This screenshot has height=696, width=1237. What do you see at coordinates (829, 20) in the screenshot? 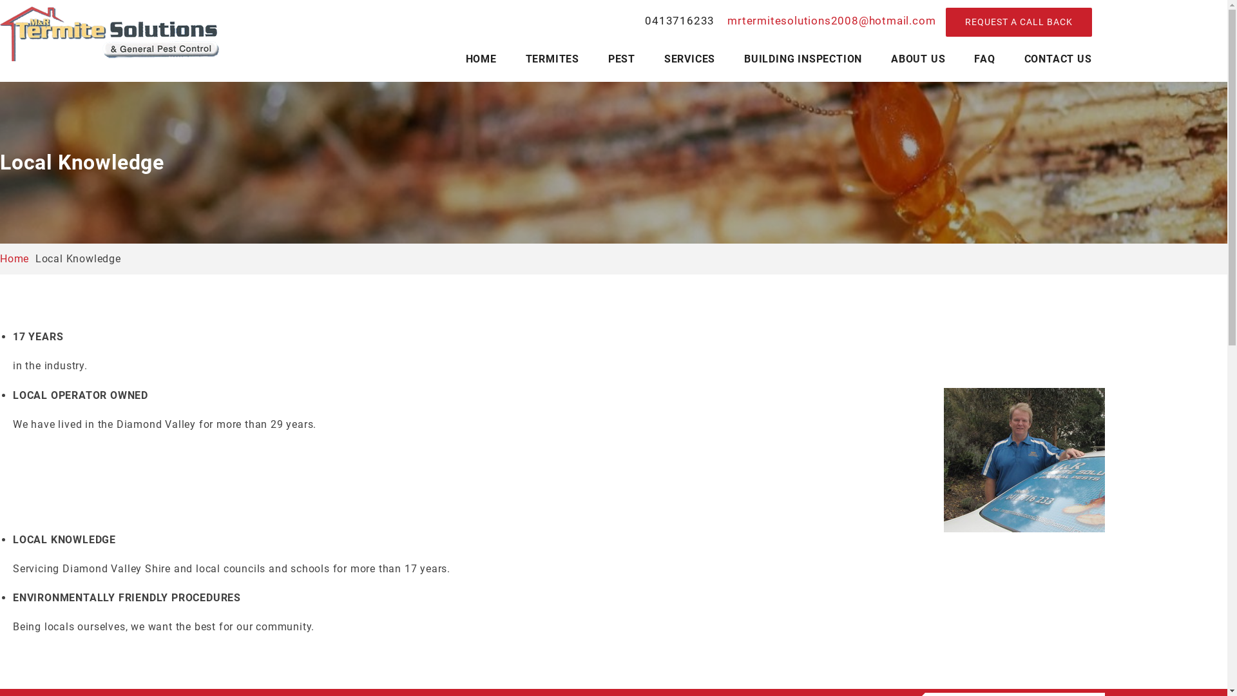
I see `'mrtermitesolutions2008@hotmail.com'` at bounding box center [829, 20].